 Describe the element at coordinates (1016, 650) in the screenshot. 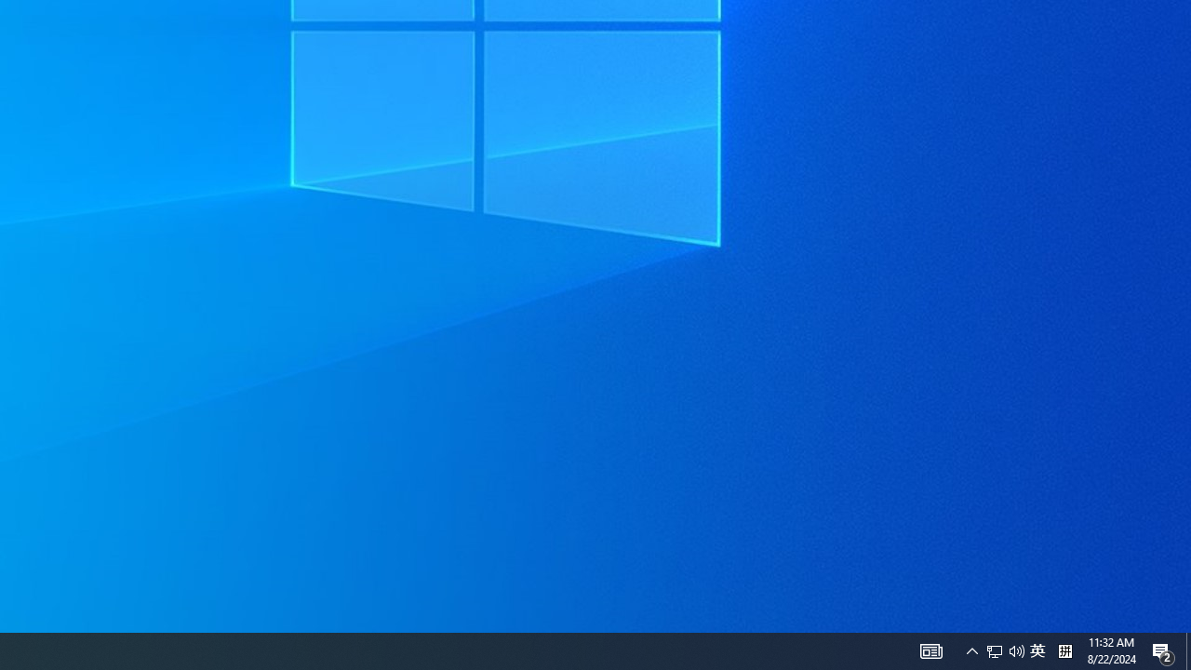

I see `'User Promoted Notification Area'` at that location.